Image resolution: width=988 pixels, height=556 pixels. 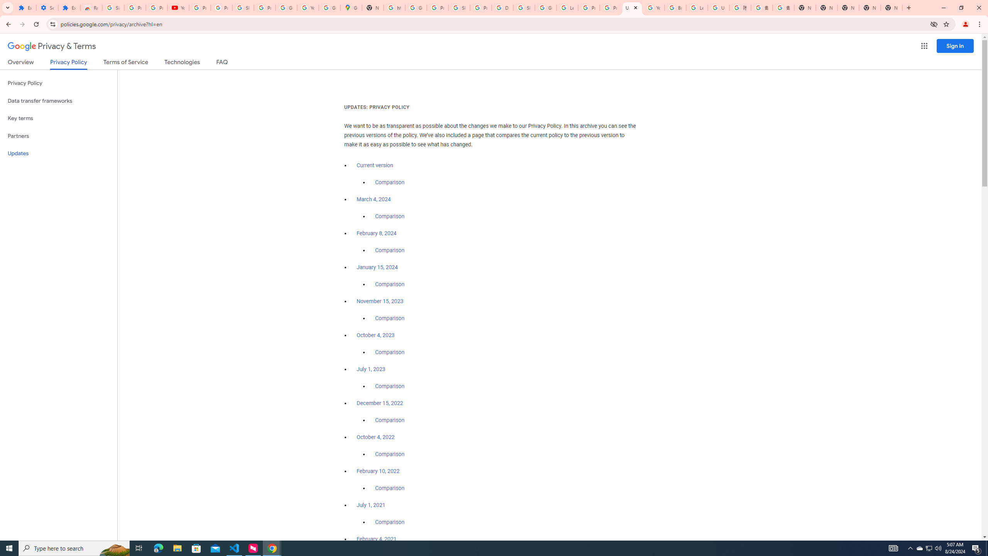 I want to click on 'Privacy Help Center - Policies Help', so click(x=610, y=7).